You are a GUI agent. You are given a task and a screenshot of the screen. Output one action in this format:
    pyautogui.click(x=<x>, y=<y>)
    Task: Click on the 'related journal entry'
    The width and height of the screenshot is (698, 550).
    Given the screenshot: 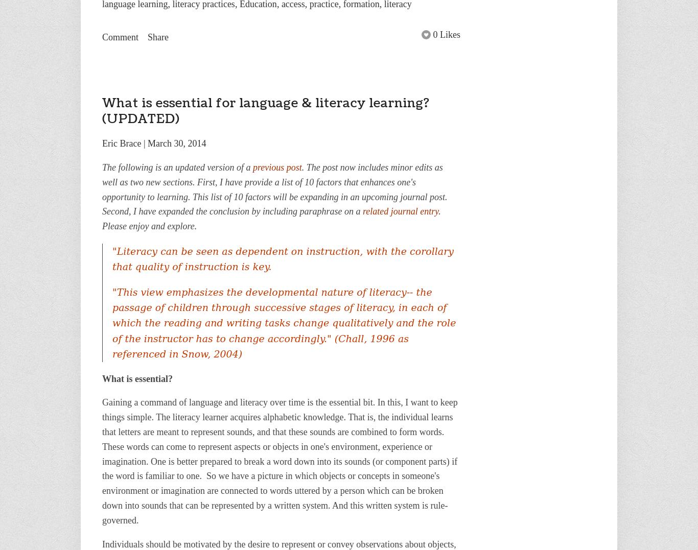 What is the action you would take?
    pyautogui.click(x=400, y=211)
    